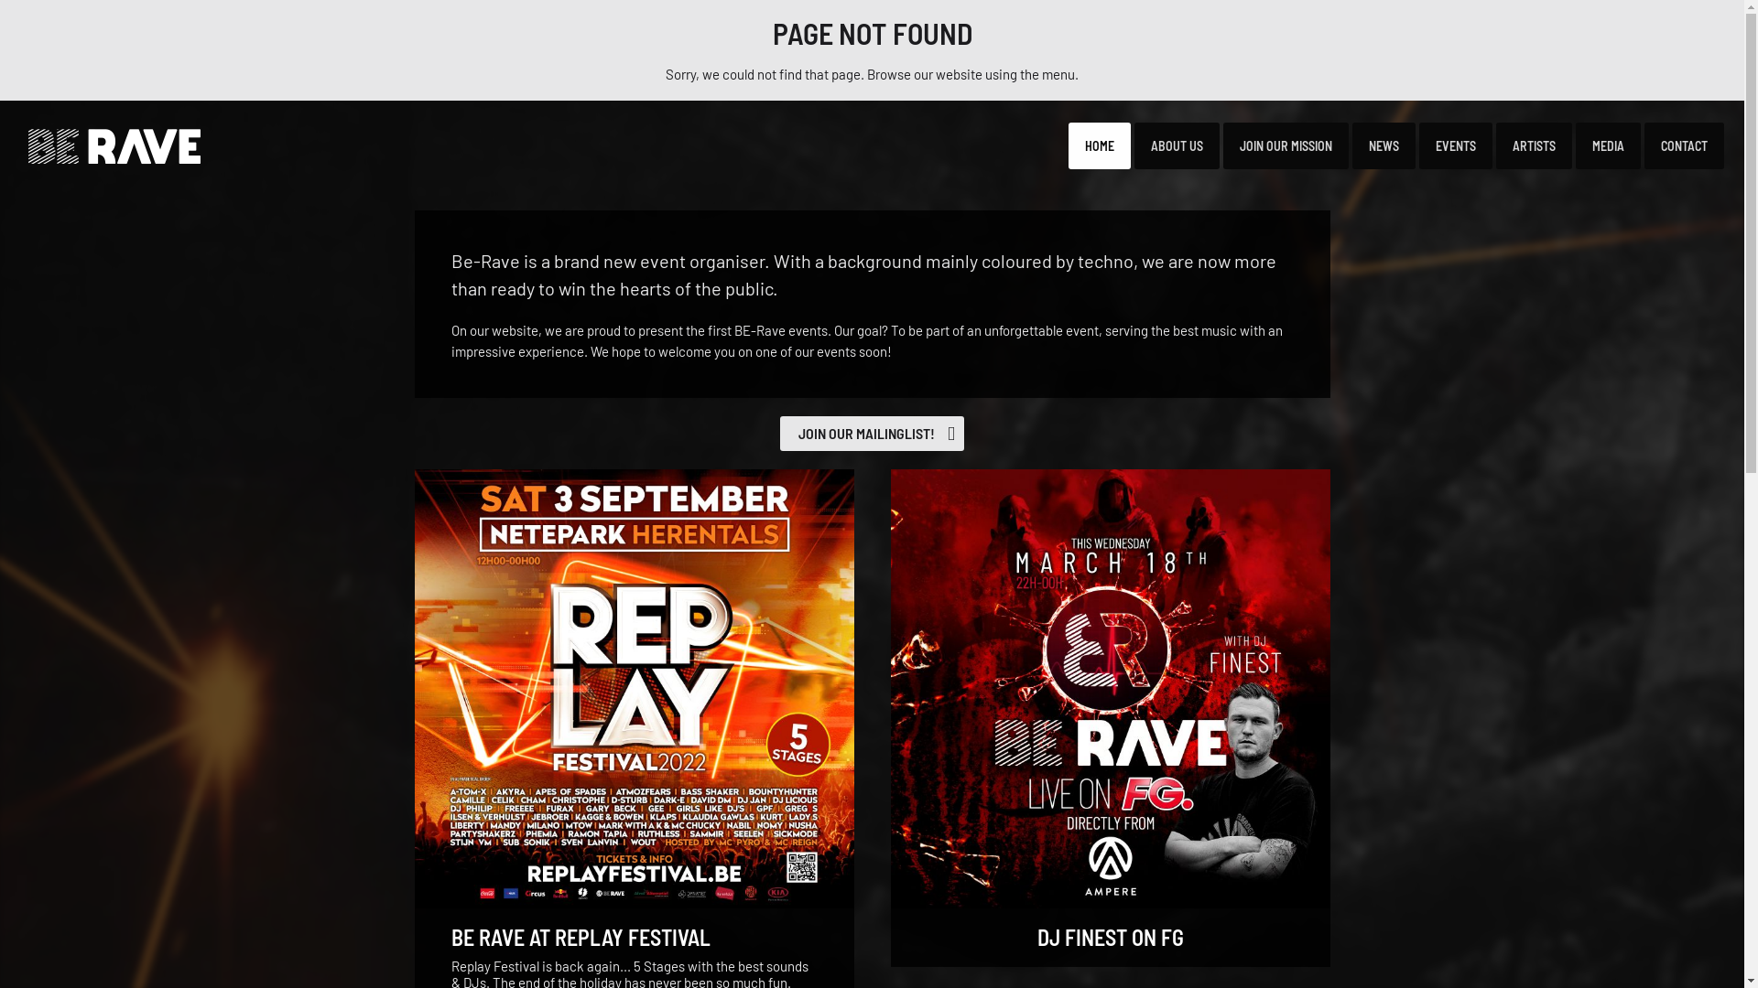 This screenshot has height=988, width=1758. What do you see at coordinates (1177, 145) in the screenshot?
I see `'ABOUT US'` at bounding box center [1177, 145].